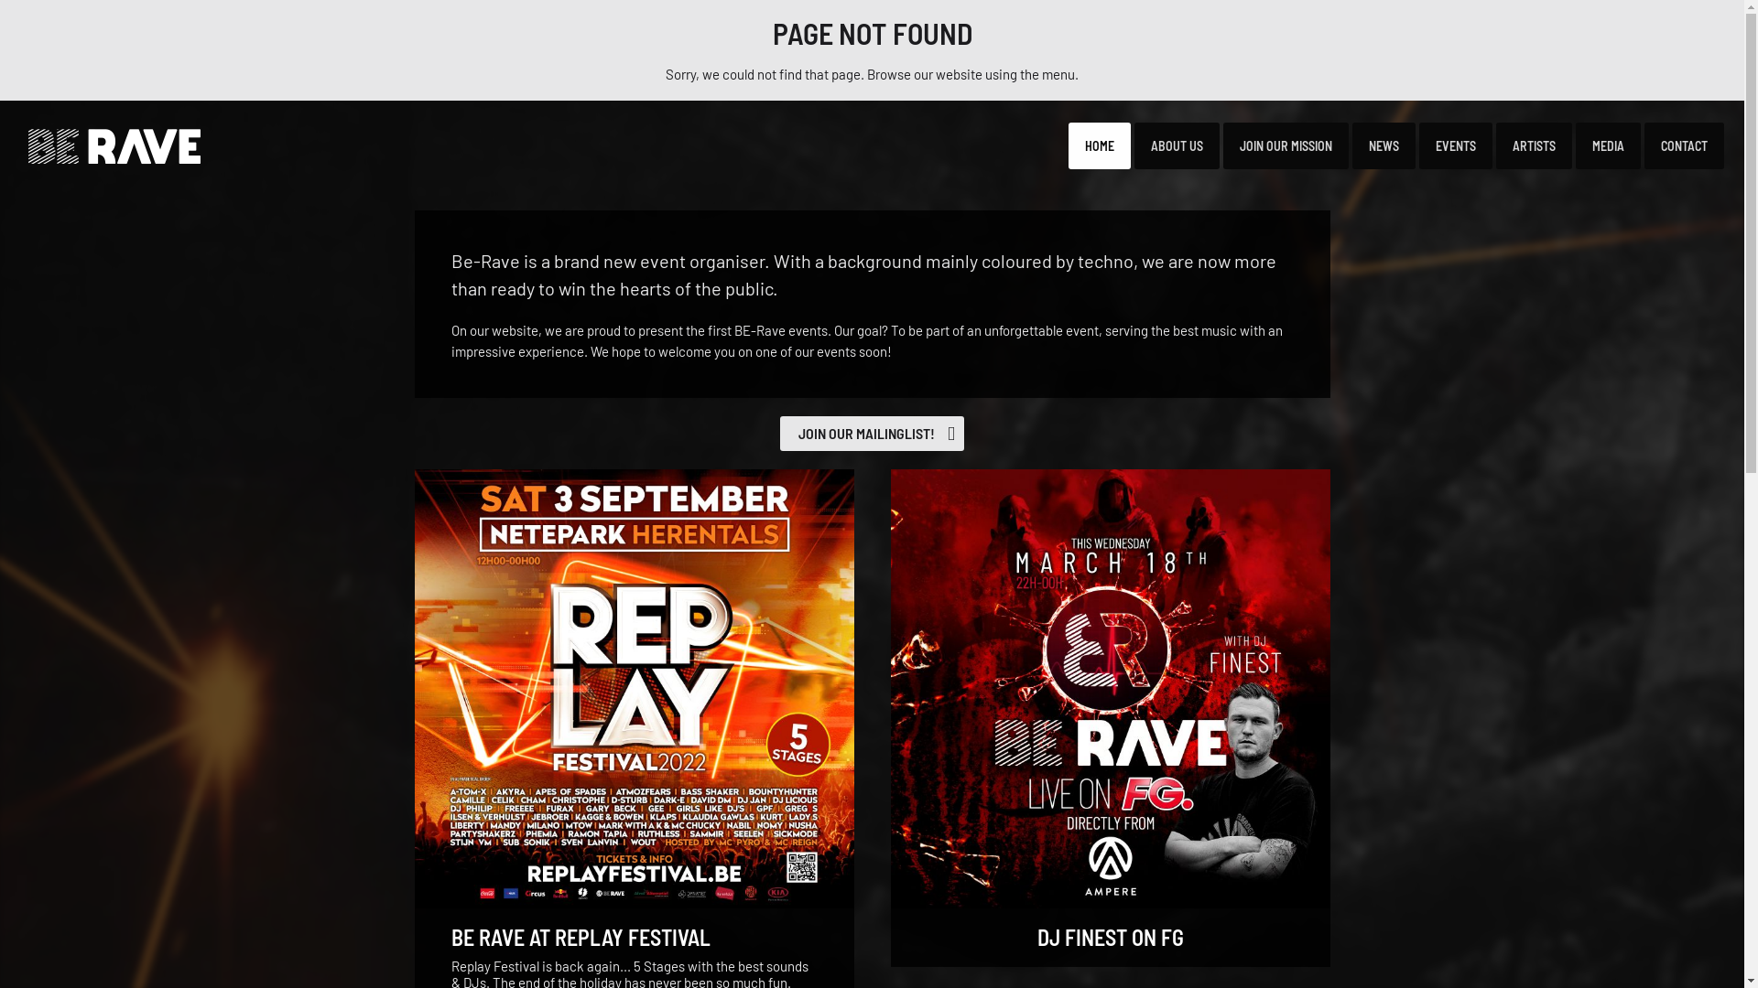 This screenshot has height=988, width=1758. What do you see at coordinates (1177, 145) in the screenshot?
I see `'ABOUT US'` at bounding box center [1177, 145].